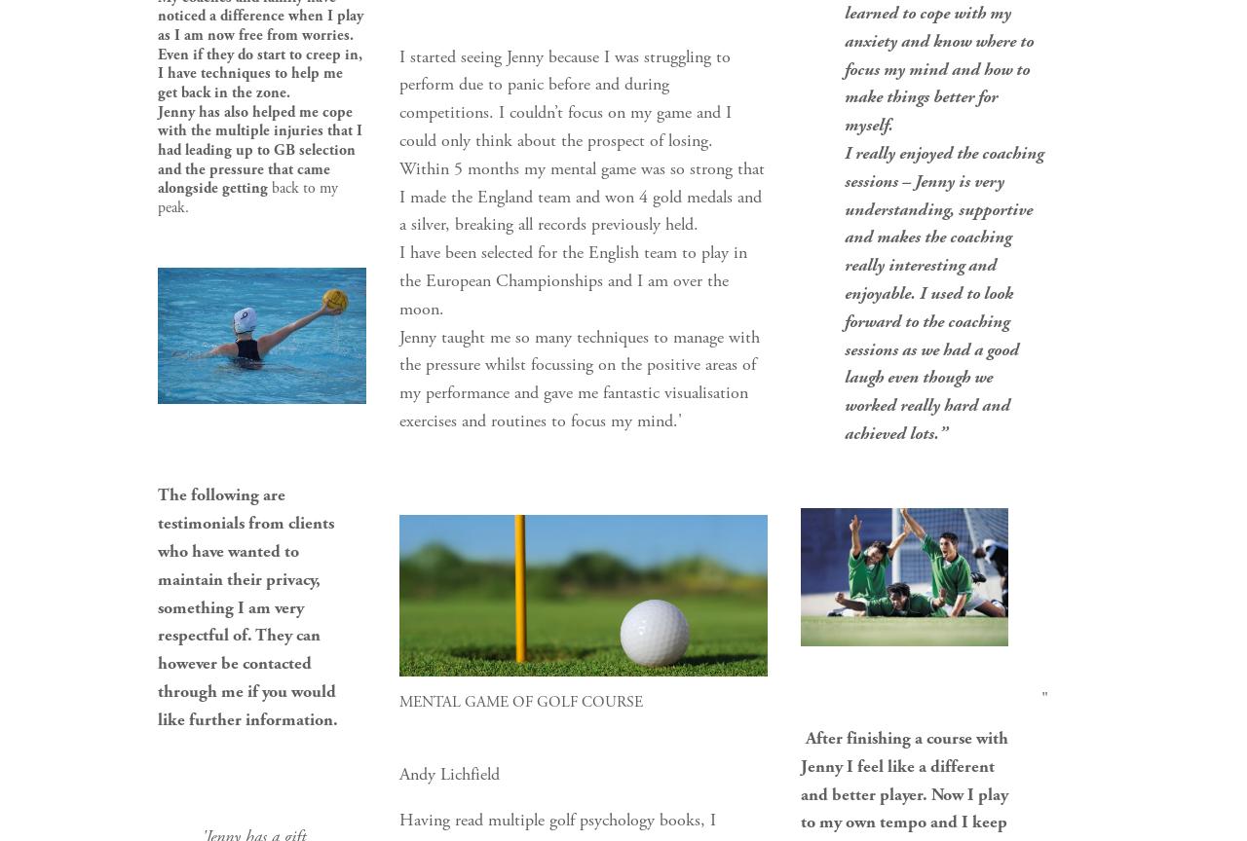 This screenshot has height=841, width=1247. What do you see at coordinates (248, 197) in the screenshot?
I see `'back to my peak.'` at bounding box center [248, 197].